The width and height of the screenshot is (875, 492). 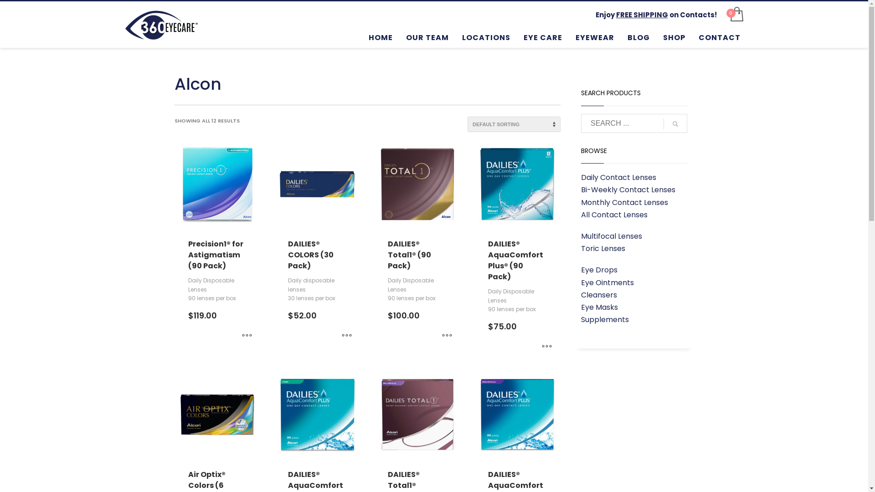 I want to click on 'Bi-Weekly Contact Lenses', so click(x=628, y=189).